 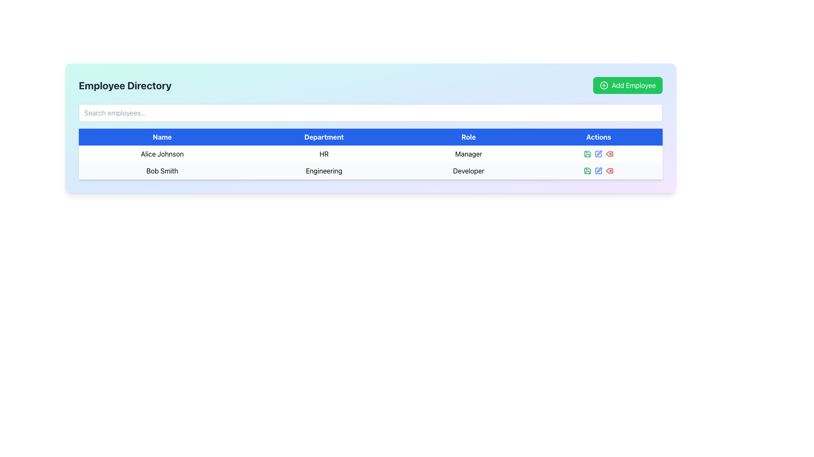 I want to click on header label identifying the current section as the Employee Directory, located at the top-left corner of the header, so click(x=125, y=85).